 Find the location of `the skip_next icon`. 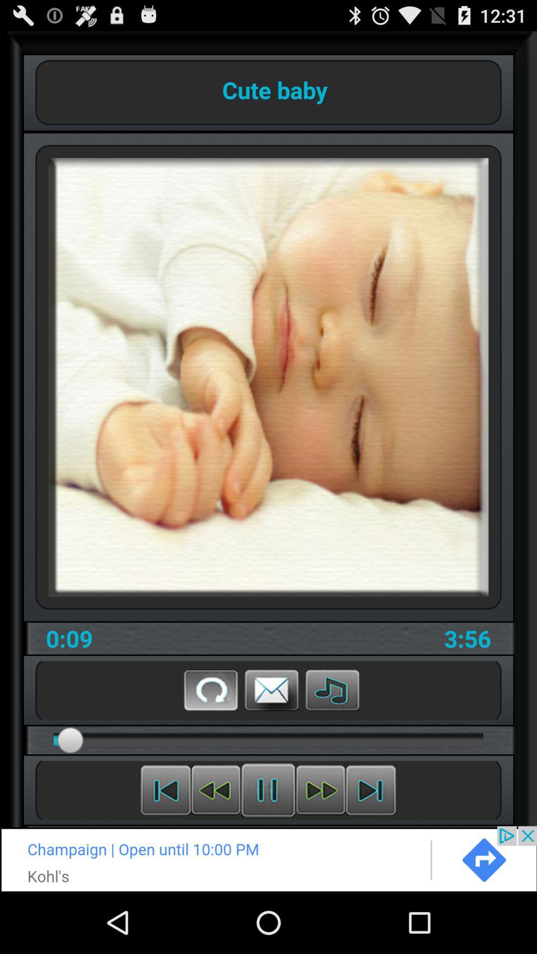

the skip_next icon is located at coordinates (370, 845).